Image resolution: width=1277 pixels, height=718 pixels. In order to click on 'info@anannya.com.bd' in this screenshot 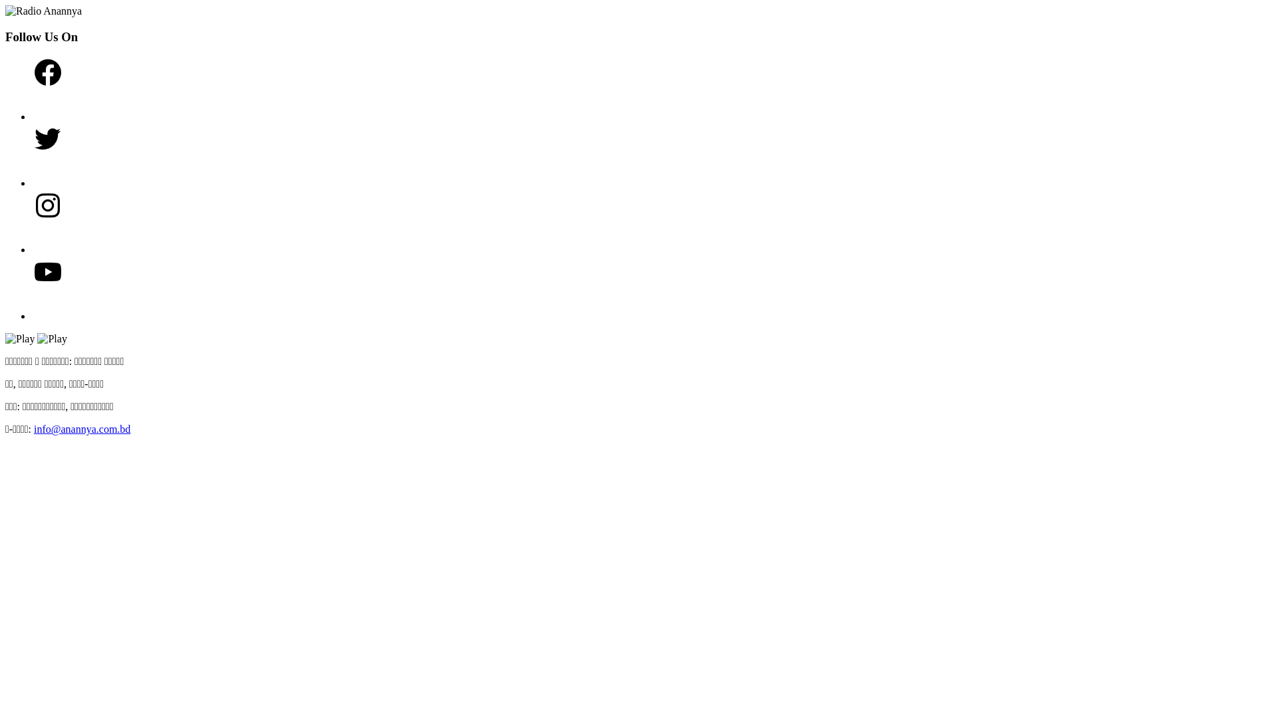, I will do `click(81, 429)`.